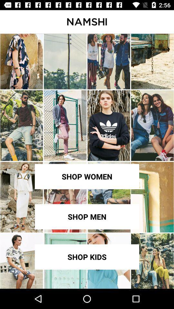 The image size is (174, 309). I want to click on the shop kids, so click(87, 257).